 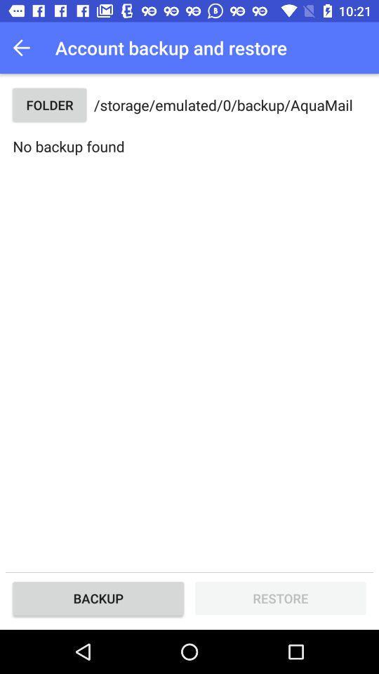 What do you see at coordinates (48, 104) in the screenshot?
I see `the item next to storage emulated 0 item` at bounding box center [48, 104].